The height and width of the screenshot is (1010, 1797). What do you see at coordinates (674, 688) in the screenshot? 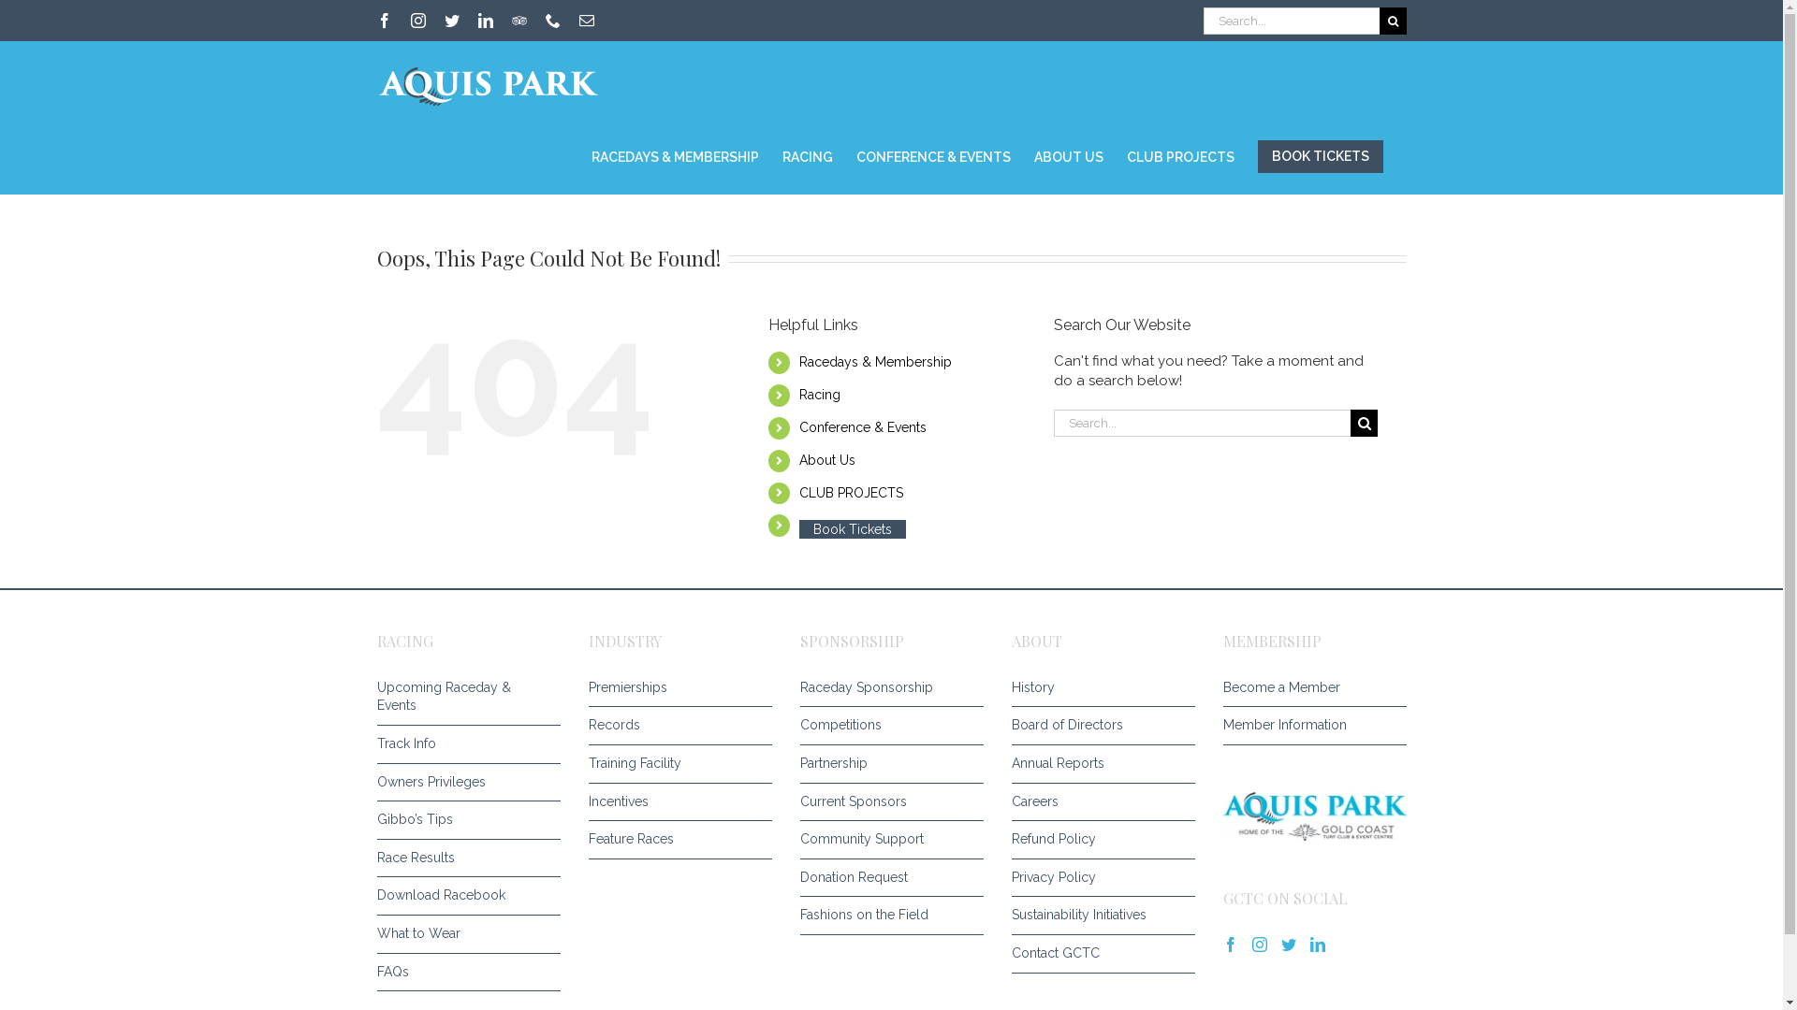
I see `'Premierships'` at bounding box center [674, 688].